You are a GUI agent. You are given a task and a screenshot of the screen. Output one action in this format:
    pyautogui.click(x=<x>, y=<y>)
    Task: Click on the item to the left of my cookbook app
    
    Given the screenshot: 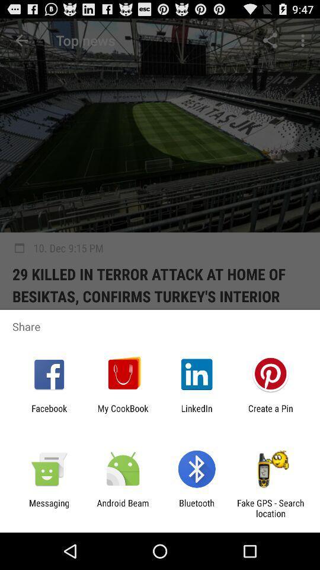 What is the action you would take?
    pyautogui.click(x=49, y=413)
    